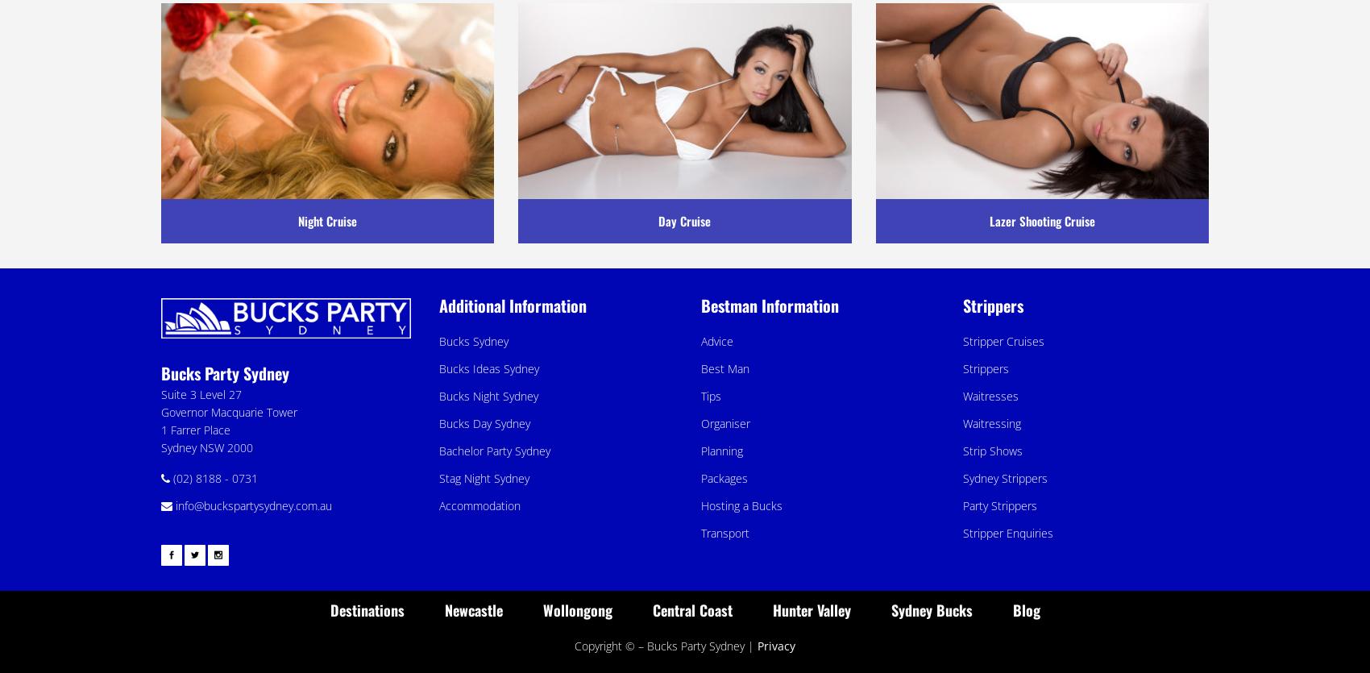 Image resolution: width=1370 pixels, height=673 pixels. I want to click on 'Sydney Strippers', so click(1004, 477).